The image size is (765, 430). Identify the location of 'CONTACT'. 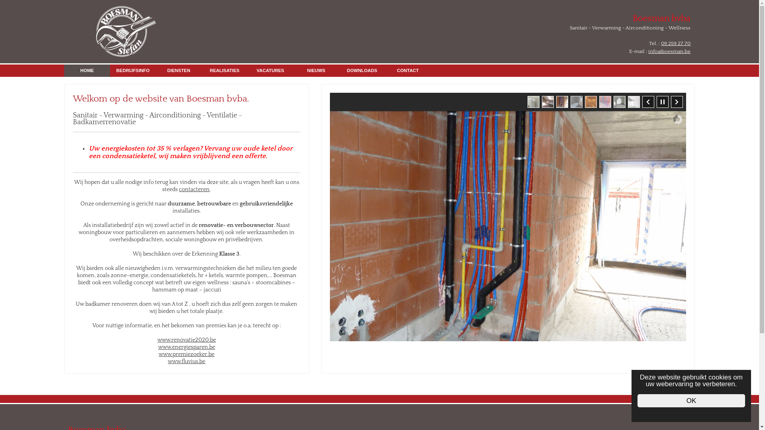
(408, 70).